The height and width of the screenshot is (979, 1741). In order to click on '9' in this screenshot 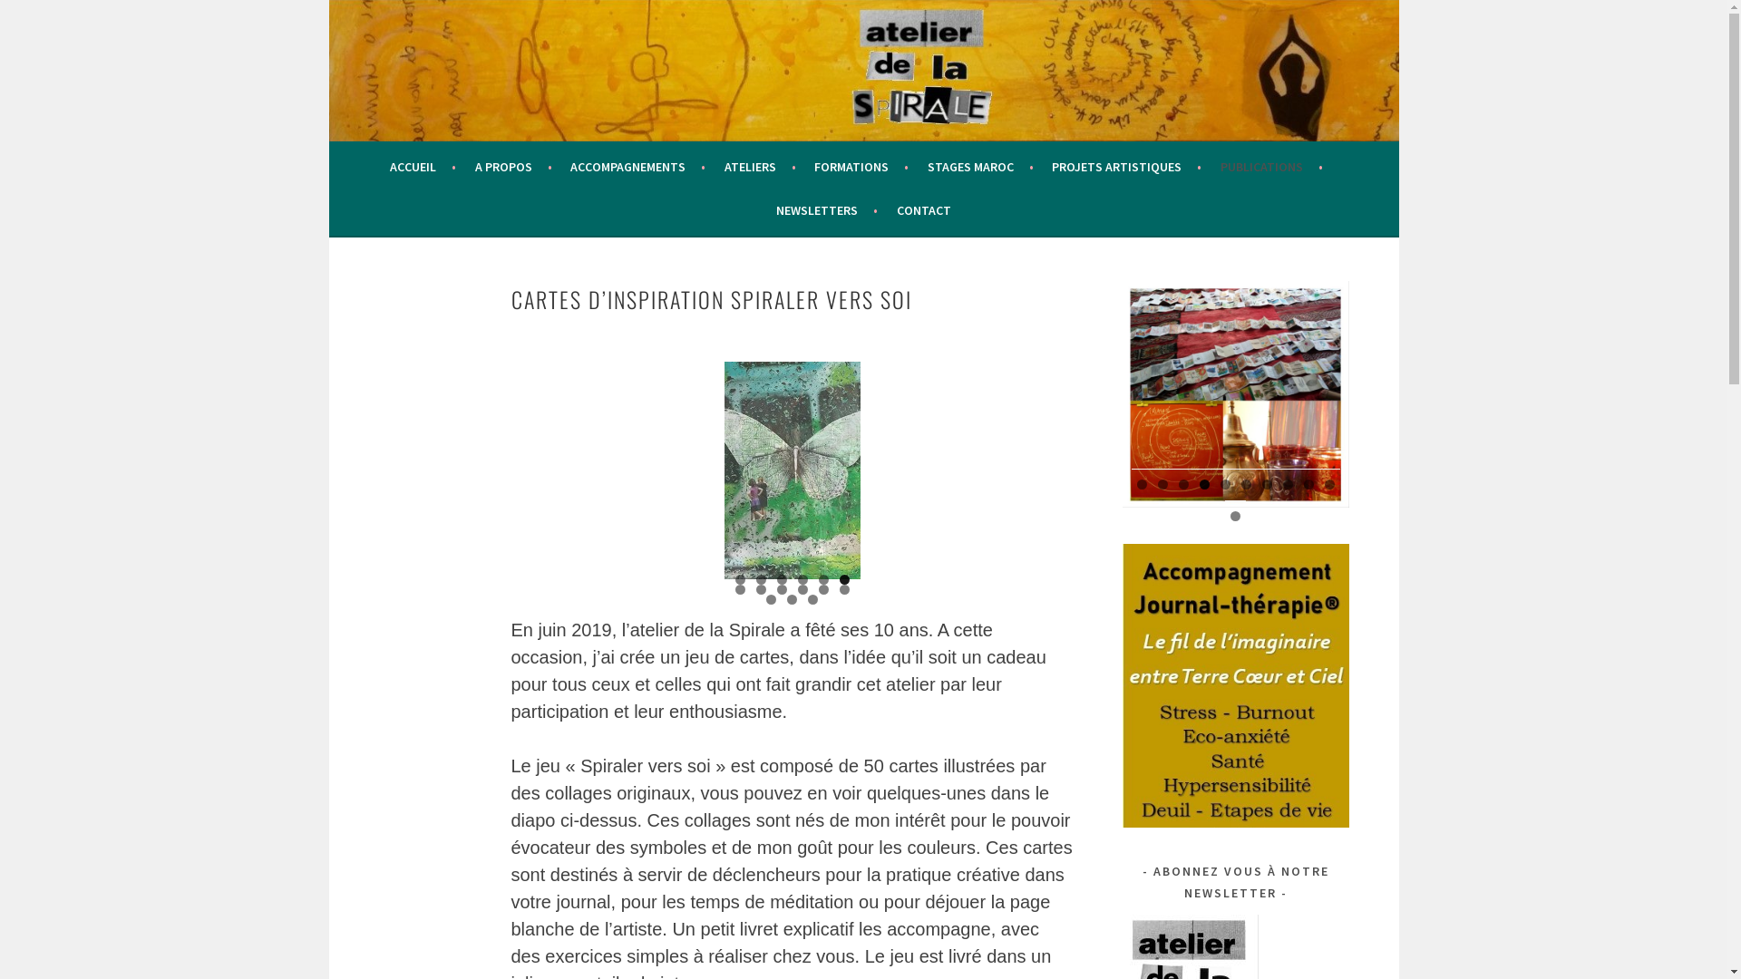, I will do `click(781, 589)`.